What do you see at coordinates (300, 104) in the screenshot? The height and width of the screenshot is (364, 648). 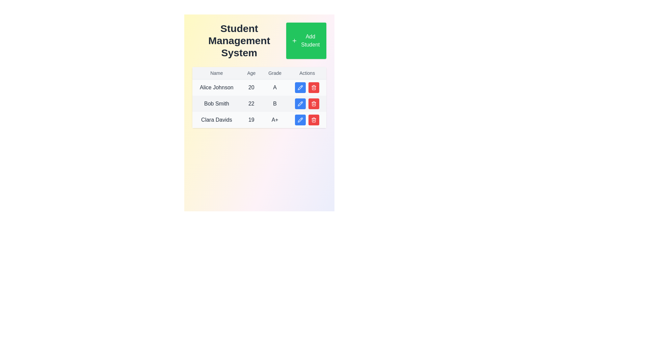 I see `the pencil icon element used for edit actions, located in the second row of the actions column in the student management table, to the right of the grade column` at bounding box center [300, 104].